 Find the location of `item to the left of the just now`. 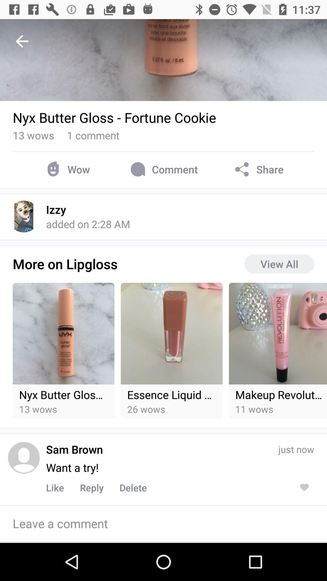

item to the left of the just now is located at coordinates (72, 467).